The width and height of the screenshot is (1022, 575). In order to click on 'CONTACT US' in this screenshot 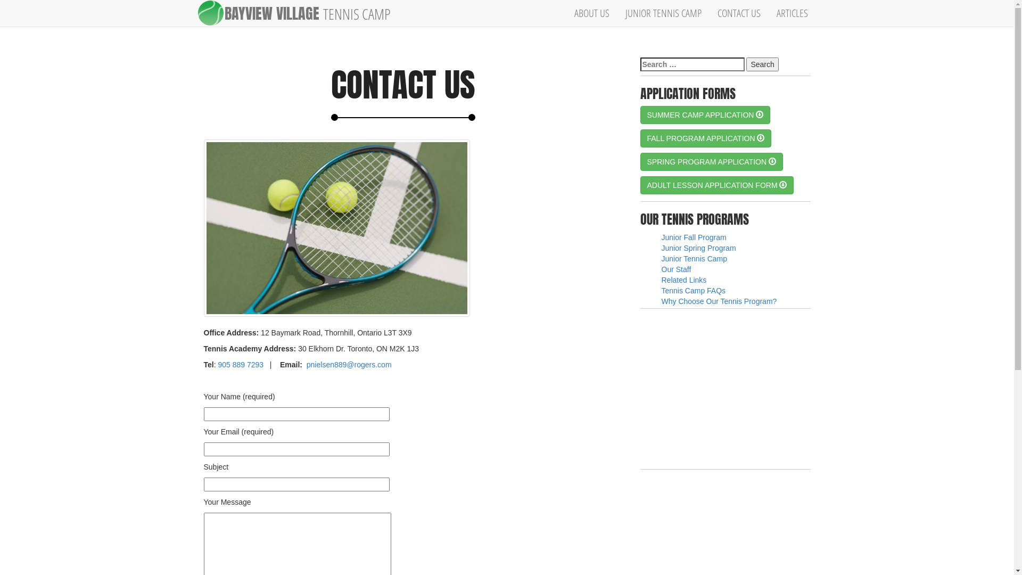, I will do `click(738, 13)`.